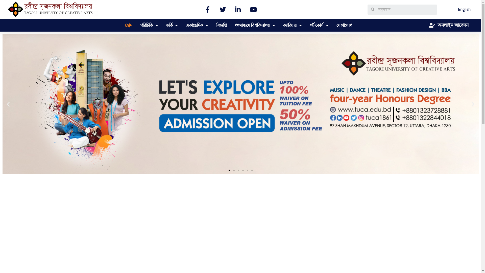 This screenshot has width=485, height=273. I want to click on 'TUCA', so click(51, 9).